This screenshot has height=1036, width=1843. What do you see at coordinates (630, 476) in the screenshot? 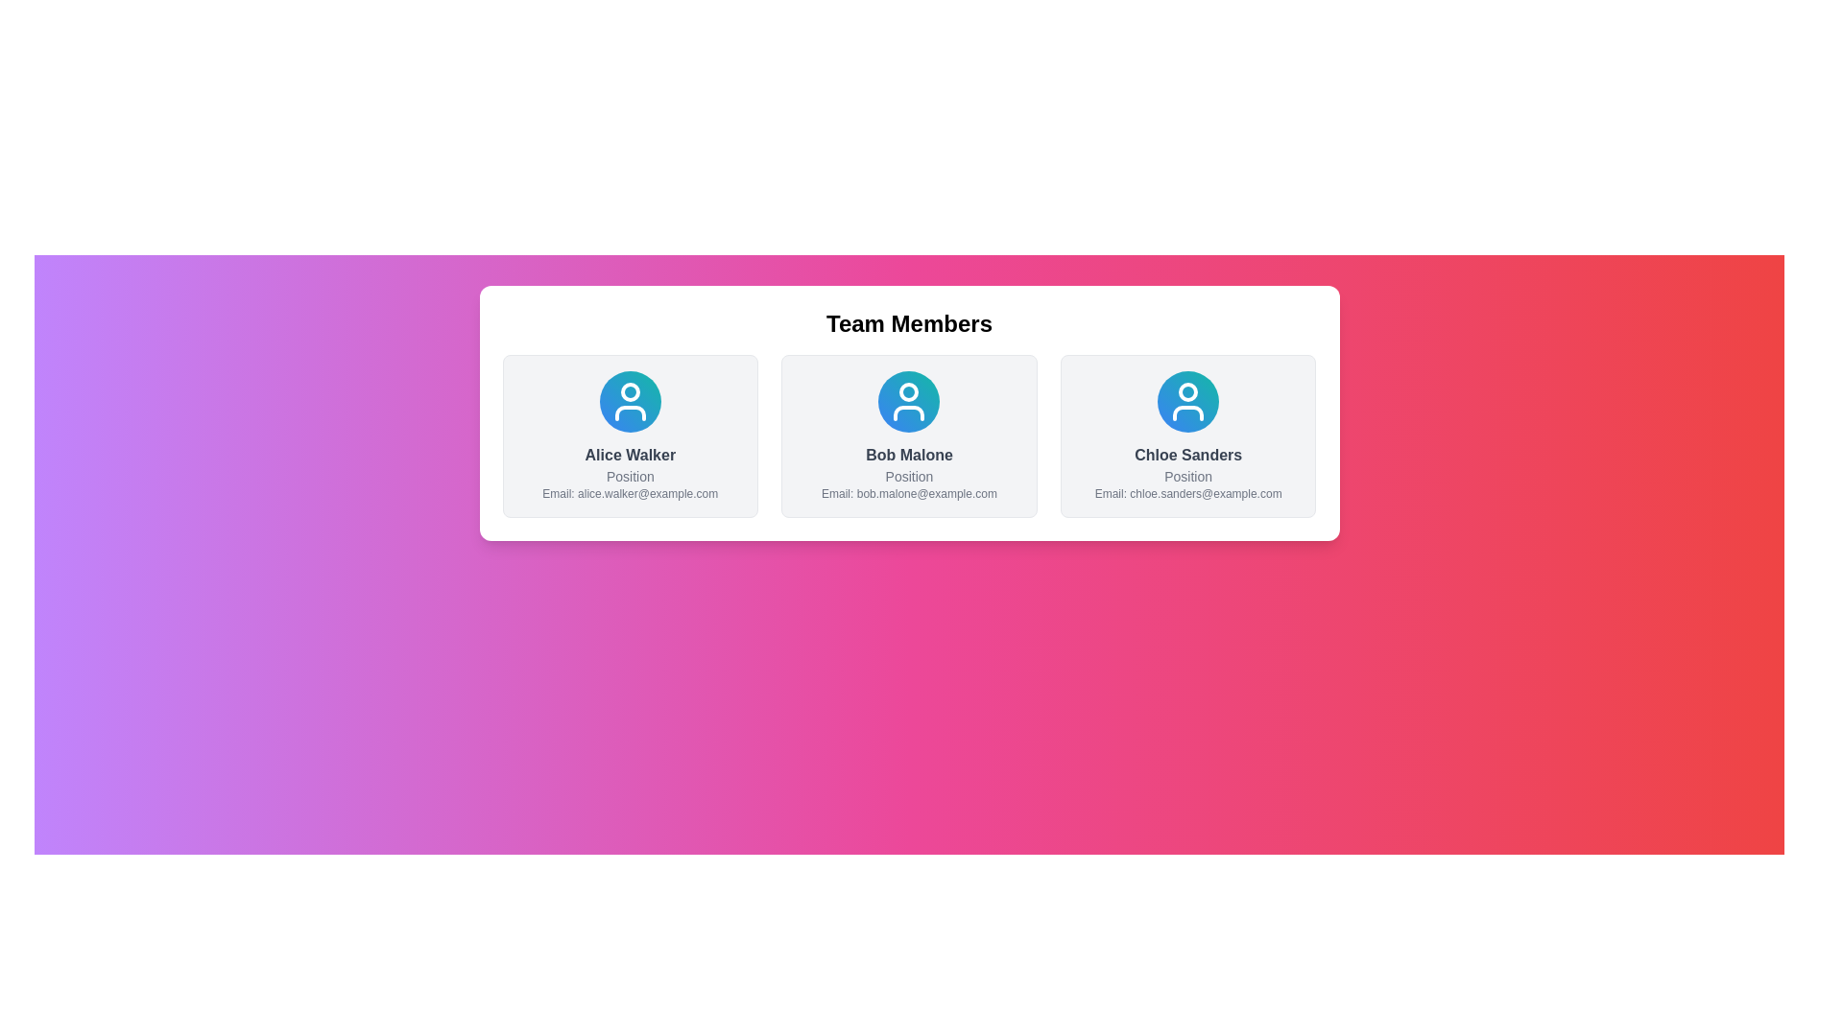
I see `text label indicating the role or designation of Alice Walker, which is located directly beneath her name in the central profile card` at bounding box center [630, 476].